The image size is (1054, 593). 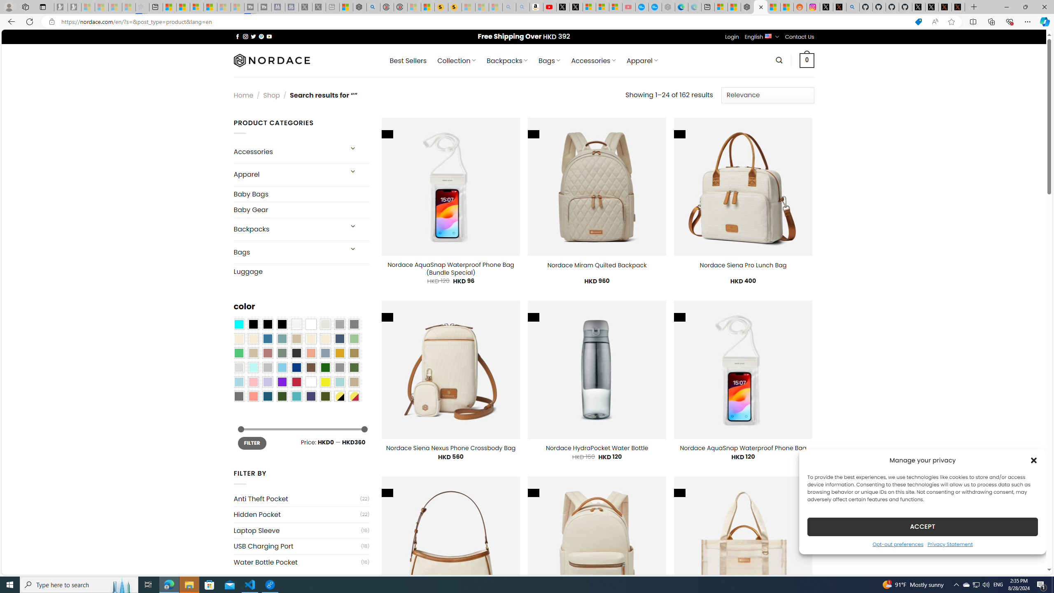 What do you see at coordinates (345, 7) in the screenshot?
I see `'Wildlife - MSN'` at bounding box center [345, 7].